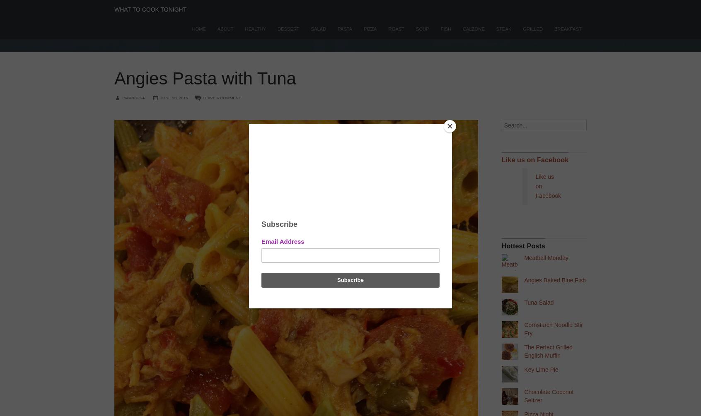 The image size is (701, 416). Describe the element at coordinates (370, 29) in the screenshot. I see `'pizza'` at that location.